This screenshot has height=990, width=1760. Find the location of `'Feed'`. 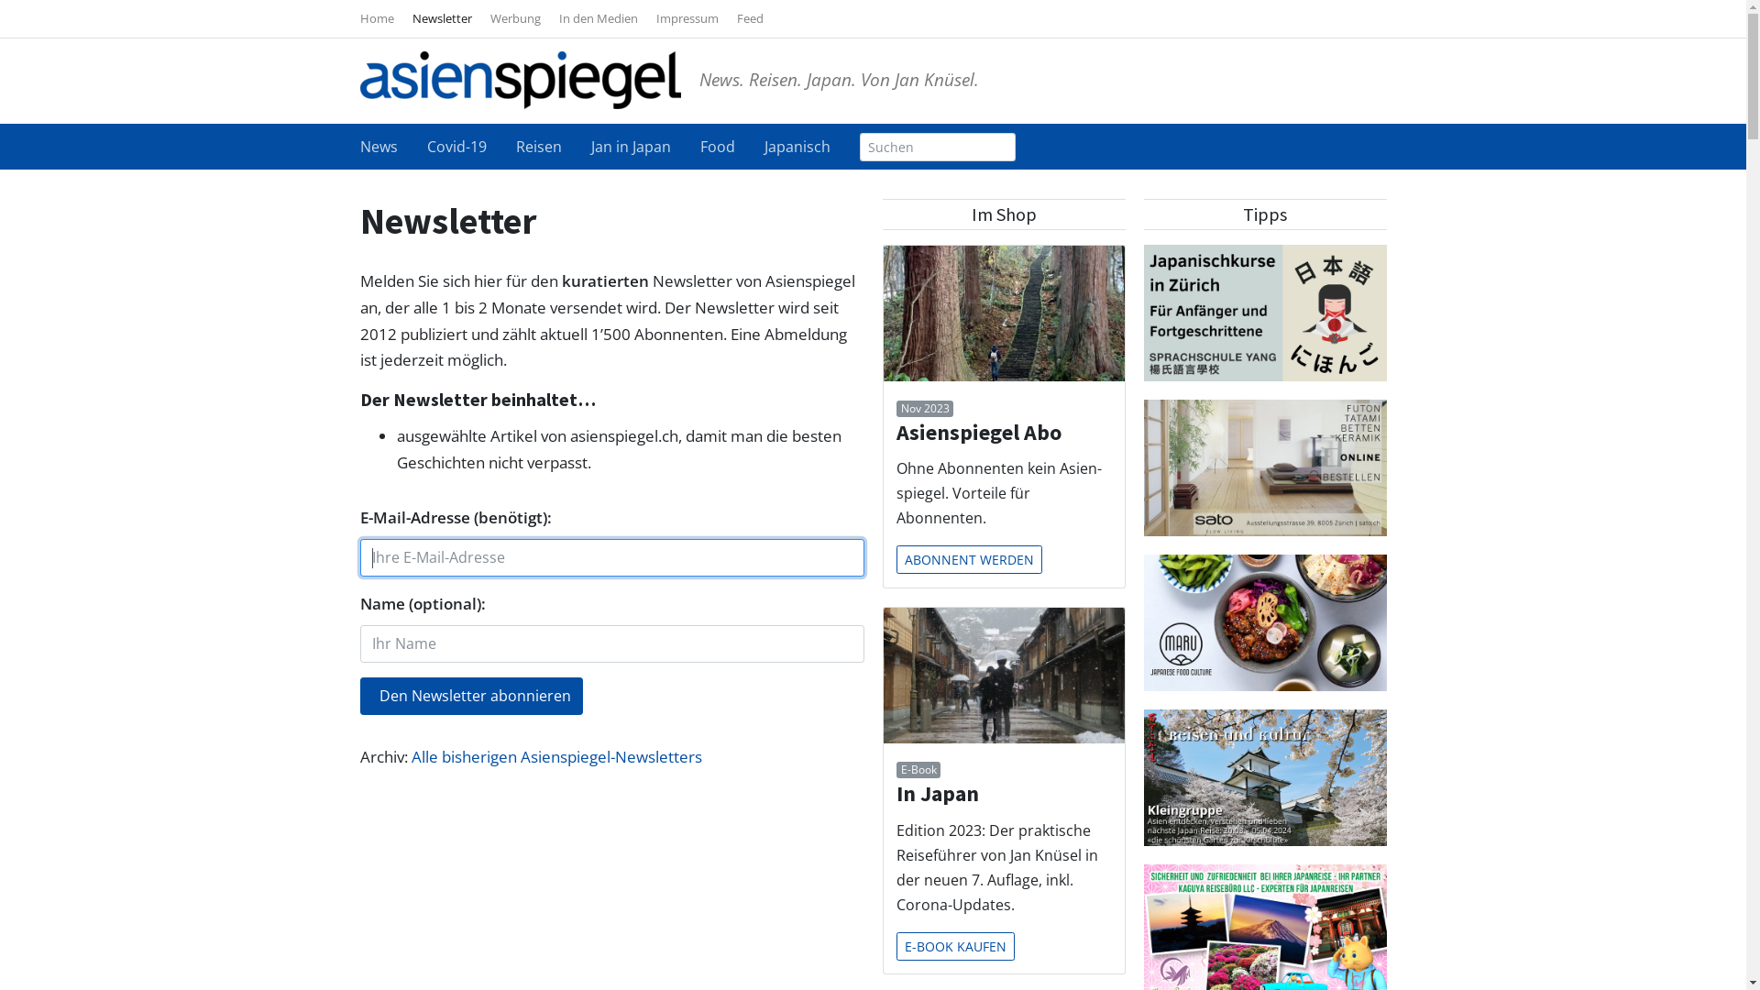

'Feed' is located at coordinates (750, 17).